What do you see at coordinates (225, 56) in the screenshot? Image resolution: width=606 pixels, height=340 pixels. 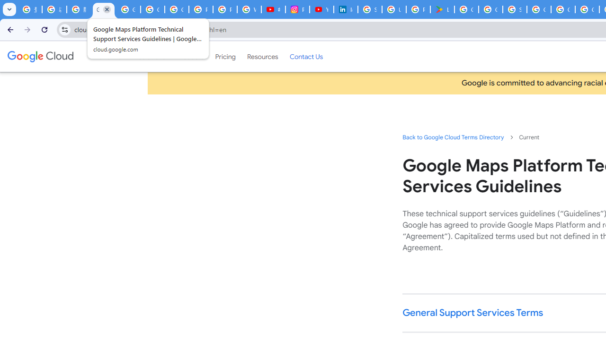 I see `'Pricing'` at bounding box center [225, 56].